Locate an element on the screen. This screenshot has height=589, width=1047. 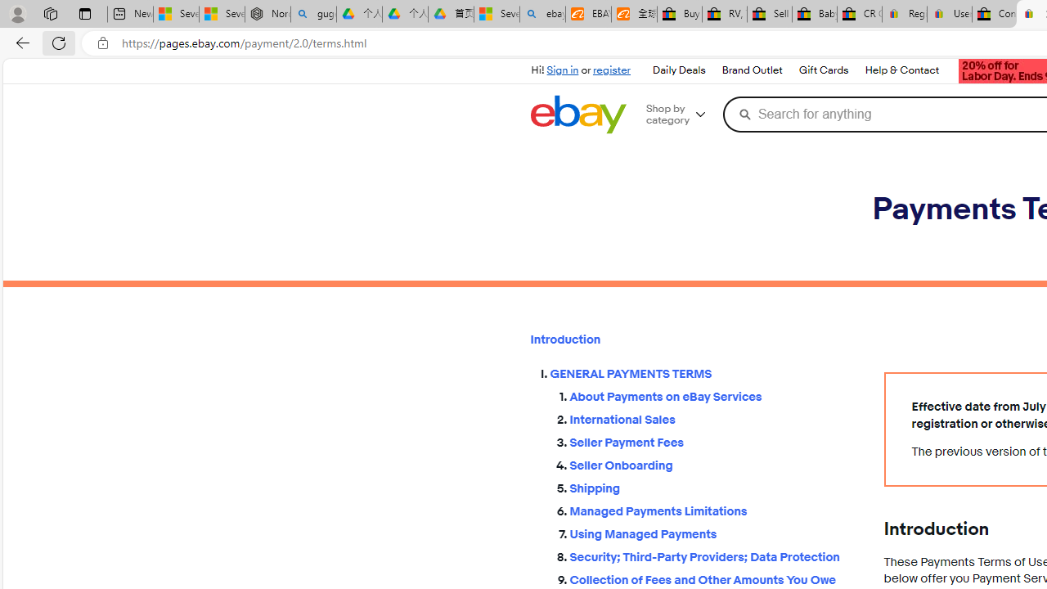
'Help & Contact' is located at coordinates (901, 70).